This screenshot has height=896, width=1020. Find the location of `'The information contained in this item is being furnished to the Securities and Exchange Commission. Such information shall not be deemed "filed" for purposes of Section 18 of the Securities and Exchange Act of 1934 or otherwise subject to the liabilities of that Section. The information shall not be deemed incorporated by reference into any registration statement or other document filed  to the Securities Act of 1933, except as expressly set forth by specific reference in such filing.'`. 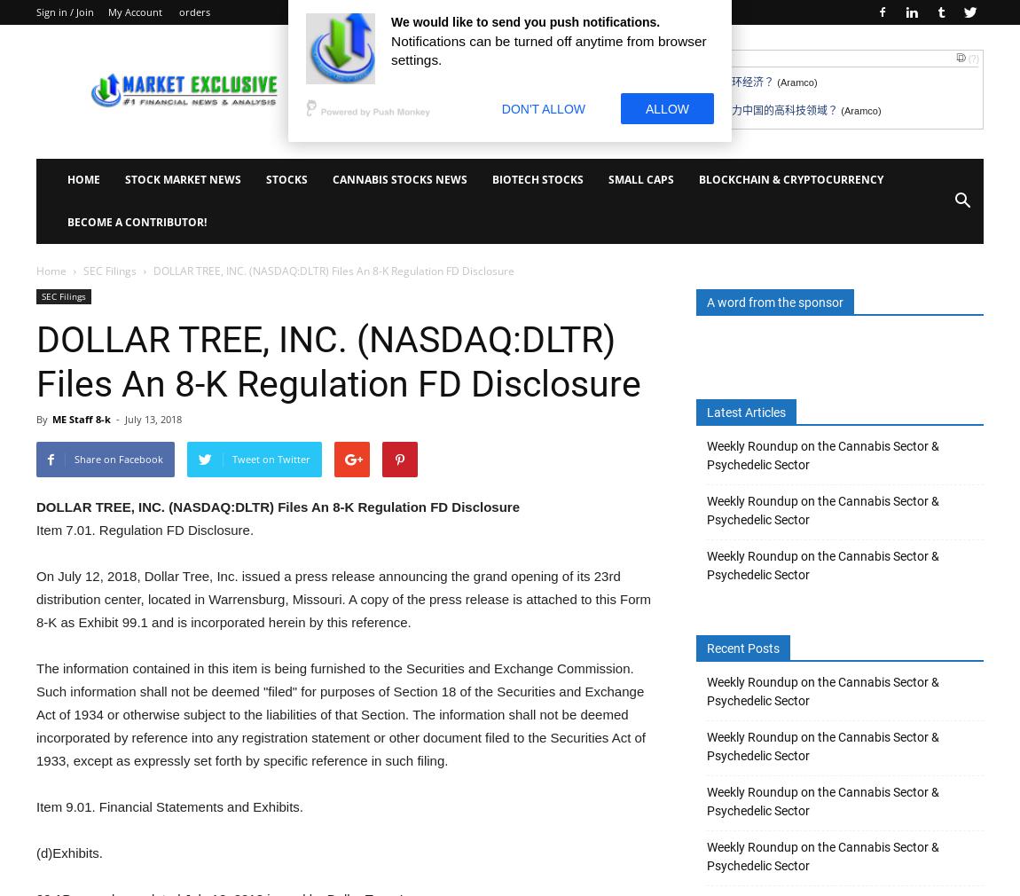

'The information contained in this item is being furnished to the Securities and Exchange Commission. Such information shall not be deemed "filed" for purposes of Section 18 of the Securities and Exchange Act of 1934 or otherwise subject to the liabilities of that Section. The information shall not be deemed incorporated by reference into any registration statement or other document filed  to the Securities Act of 1933, except as expressly set forth by specific reference in such filing.' is located at coordinates (341, 714).